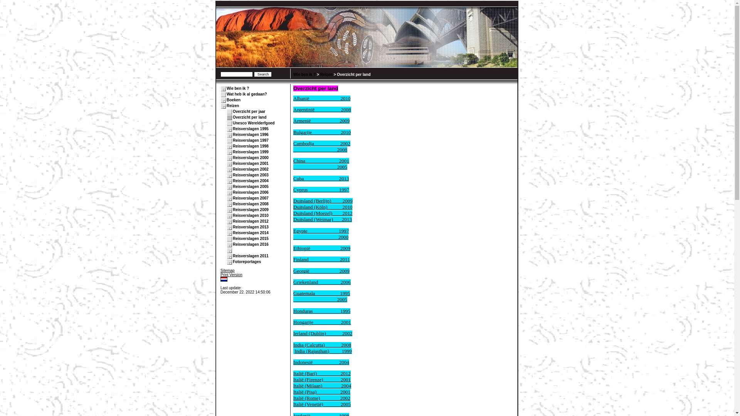  I want to click on 'Reisverslagen 1999', so click(251, 152).